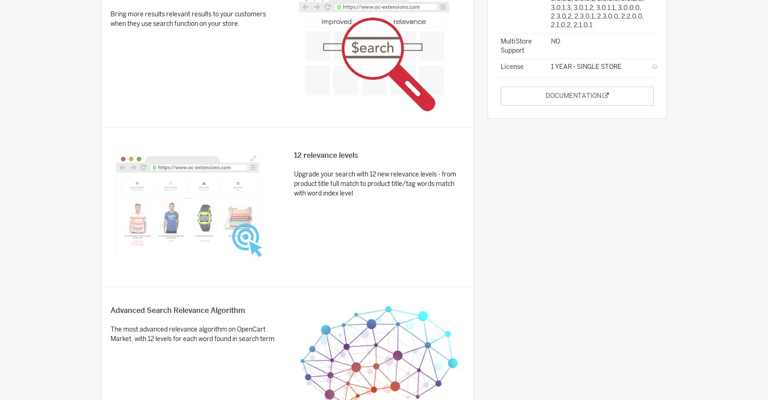 The width and height of the screenshot is (768, 400). What do you see at coordinates (561, 67) in the screenshot?
I see `'1 Year'` at bounding box center [561, 67].